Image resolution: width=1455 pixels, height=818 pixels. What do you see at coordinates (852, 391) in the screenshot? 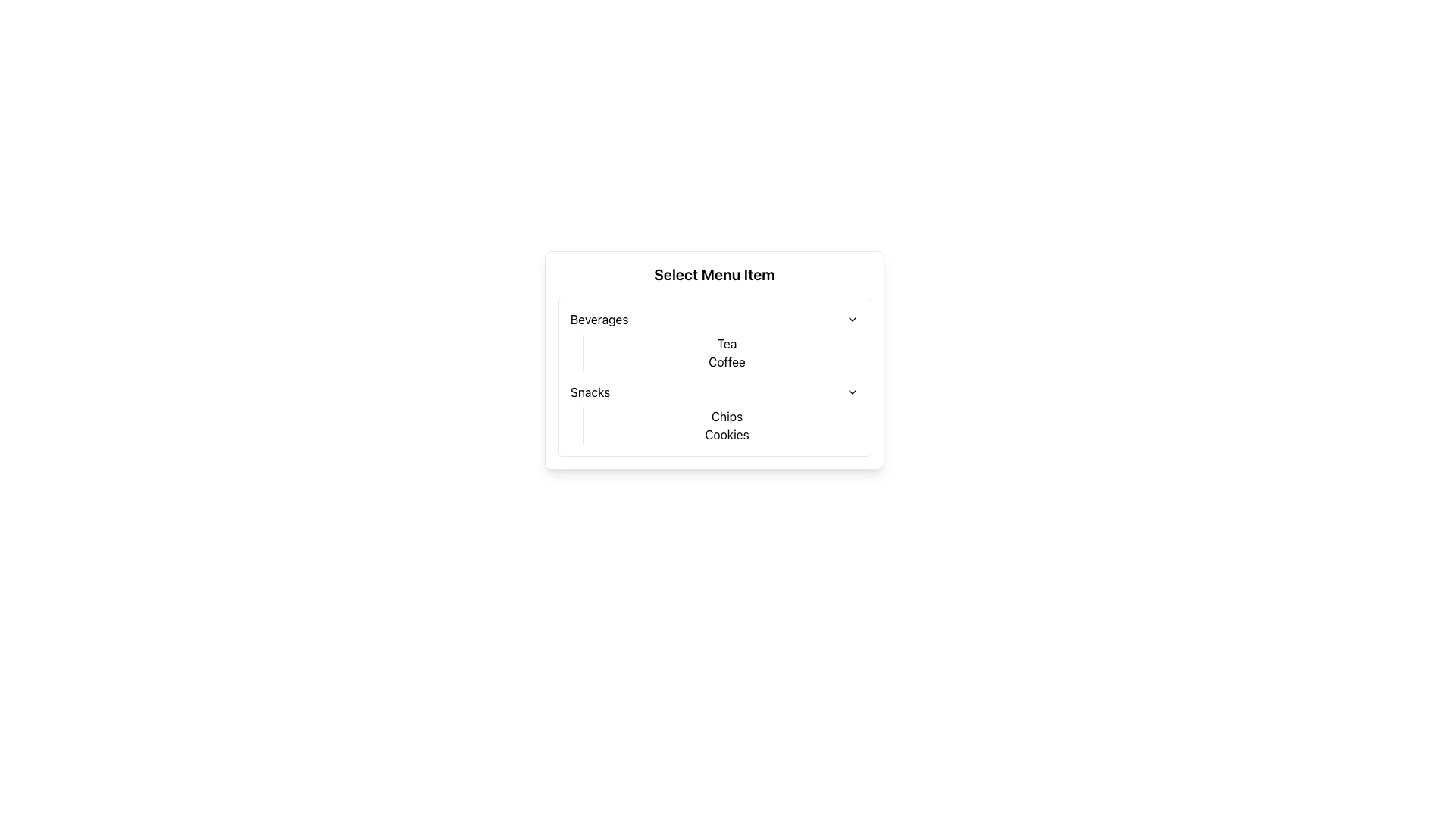
I see `the downward-facing chevron icon, which is styled minimally in black and positioned to the right of the text 'Snacks'` at bounding box center [852, 391].